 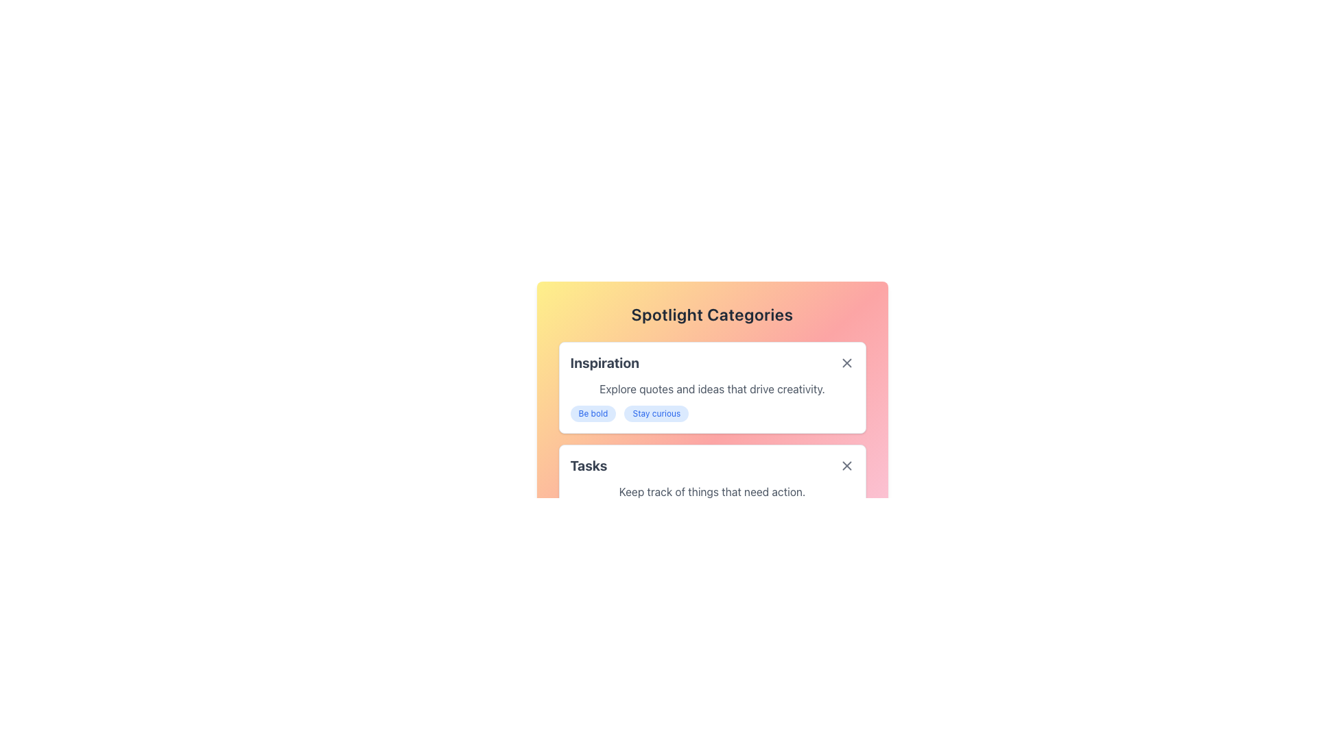 I want to click on the Text Label that serves as the title for the section within the 'Spotlight Categories' card, so click(x=604, y=362).